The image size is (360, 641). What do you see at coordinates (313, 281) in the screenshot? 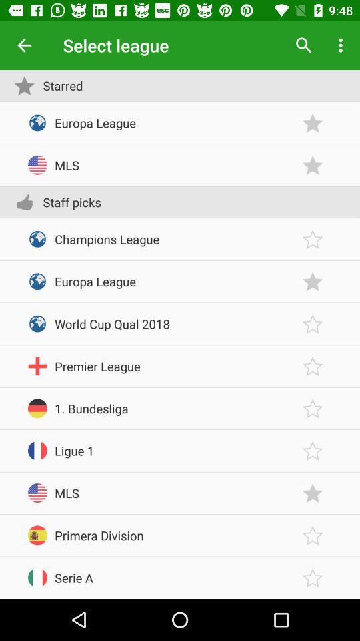
I see `to favorites` at bounding box center [313, 281].